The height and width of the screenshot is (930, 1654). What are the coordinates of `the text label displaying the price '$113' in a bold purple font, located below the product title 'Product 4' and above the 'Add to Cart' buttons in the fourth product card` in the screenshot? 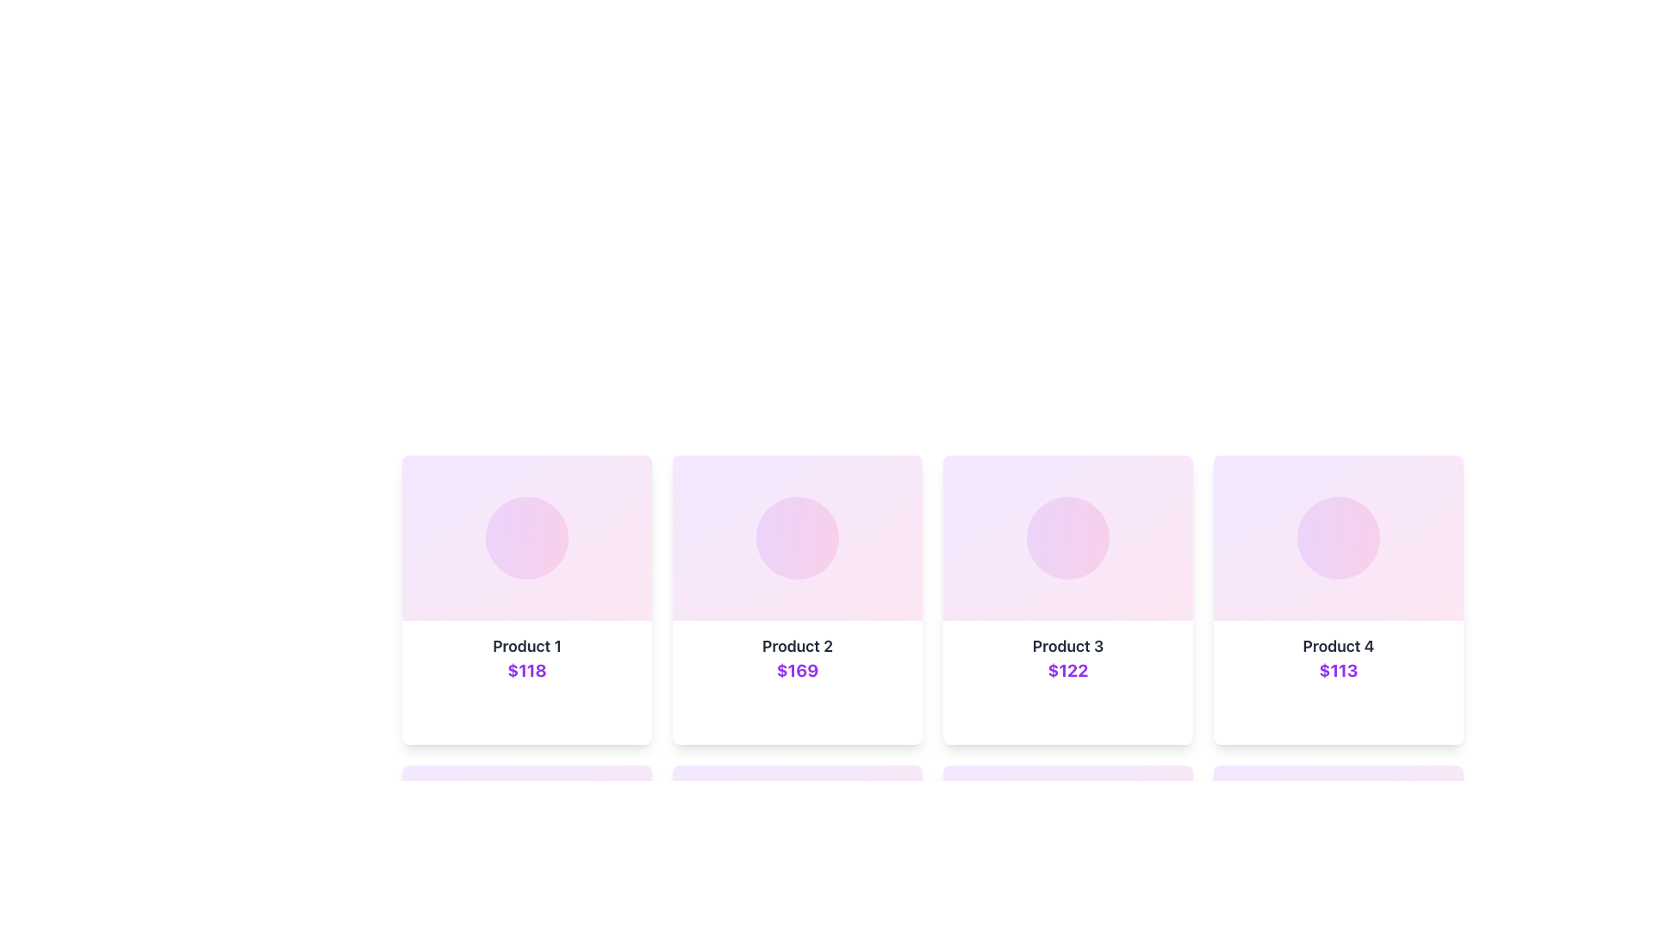 It's located at (1338, 670).